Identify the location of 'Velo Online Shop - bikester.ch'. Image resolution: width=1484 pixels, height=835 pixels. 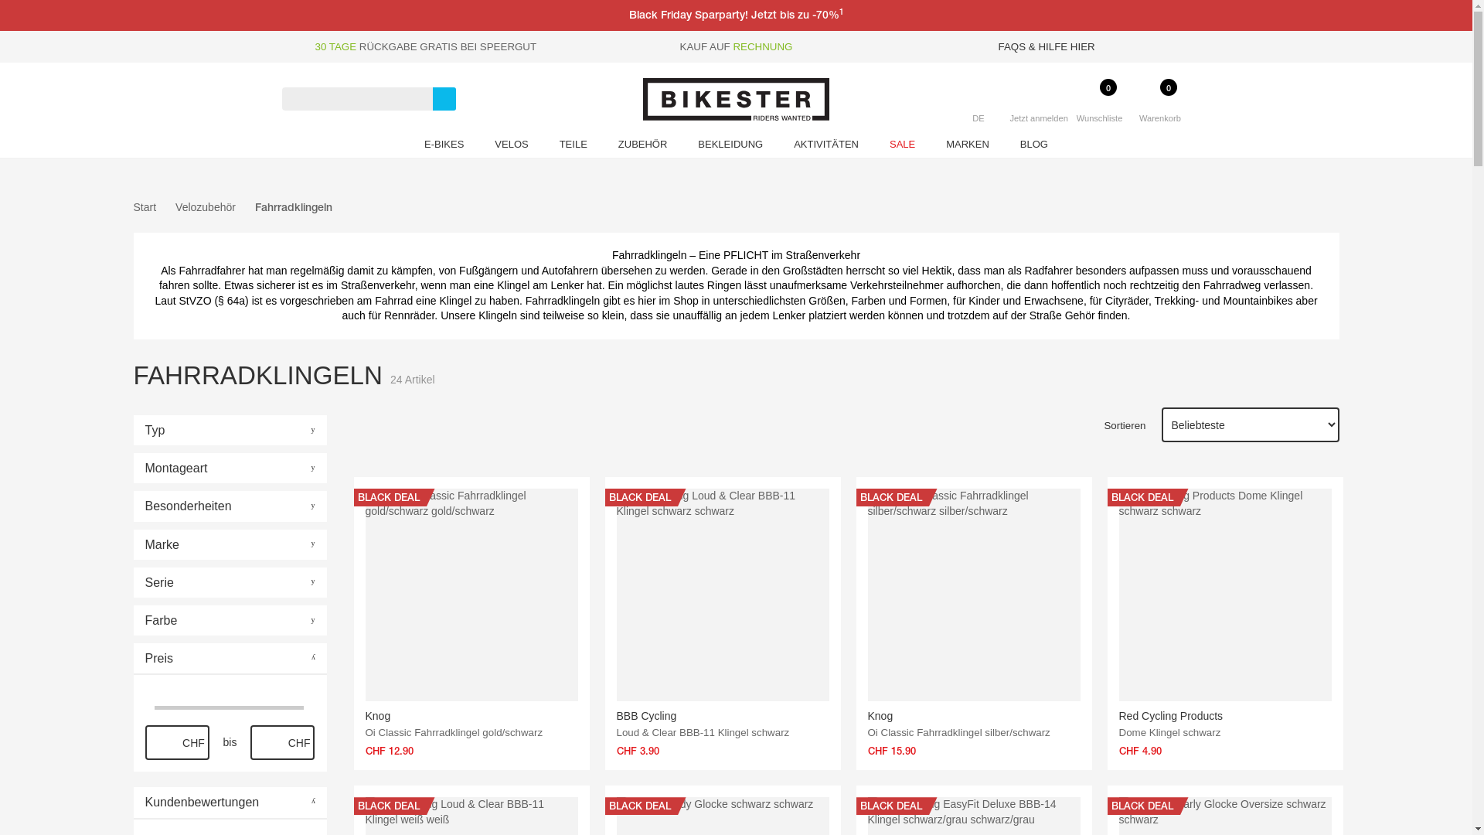
(735, 99).